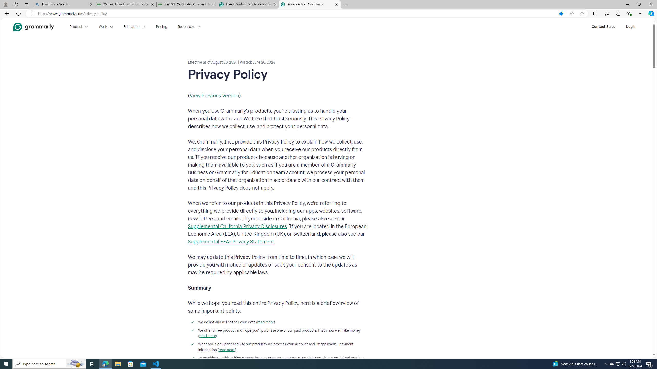 The width and height of the screenshot is (657, 369). Describe the element at coordinates (105, 26) in the screenshot. I see `'Work'` at that location.